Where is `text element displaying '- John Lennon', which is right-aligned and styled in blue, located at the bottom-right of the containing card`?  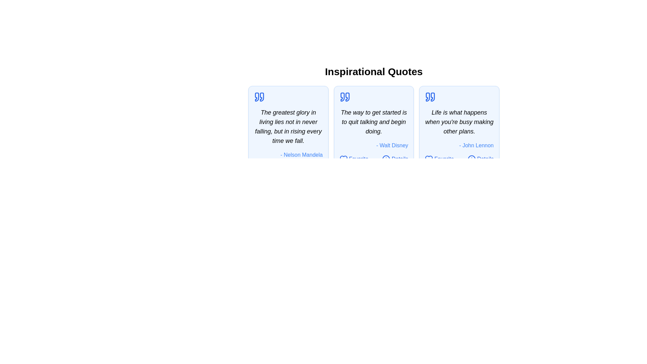
text element displaying '- John Lennon', which is right-aligned and styled in blue, located at the bottom-right of the containing card is located at coordinates (459, 145).